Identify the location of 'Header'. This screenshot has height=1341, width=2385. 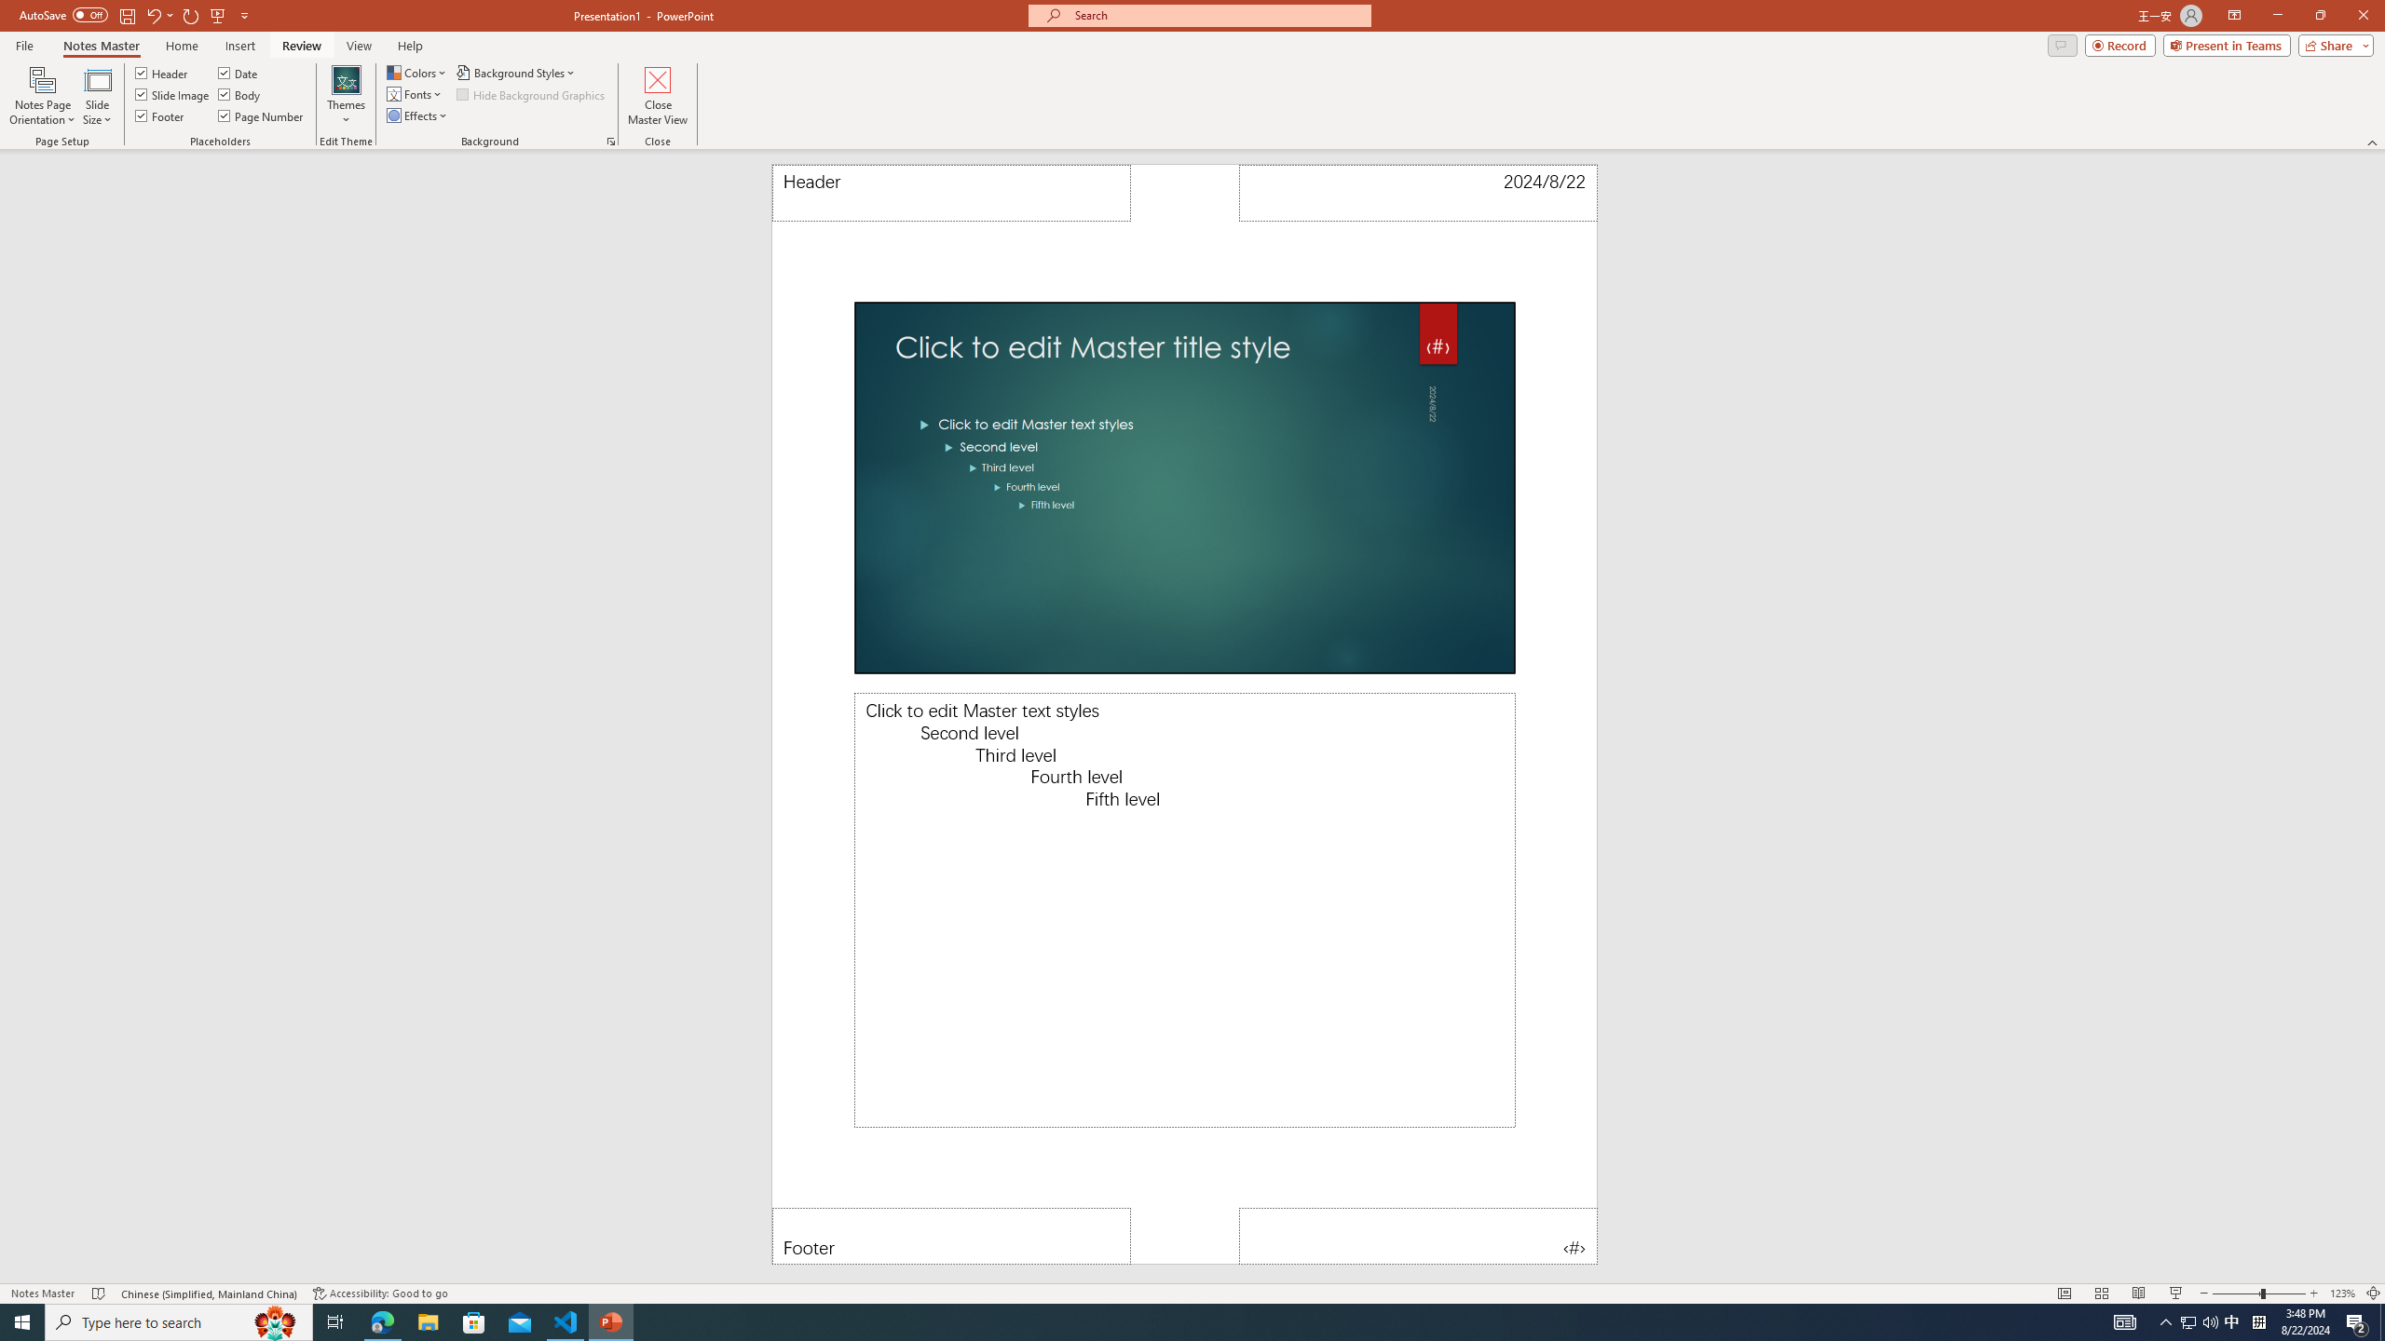
(950, 192).